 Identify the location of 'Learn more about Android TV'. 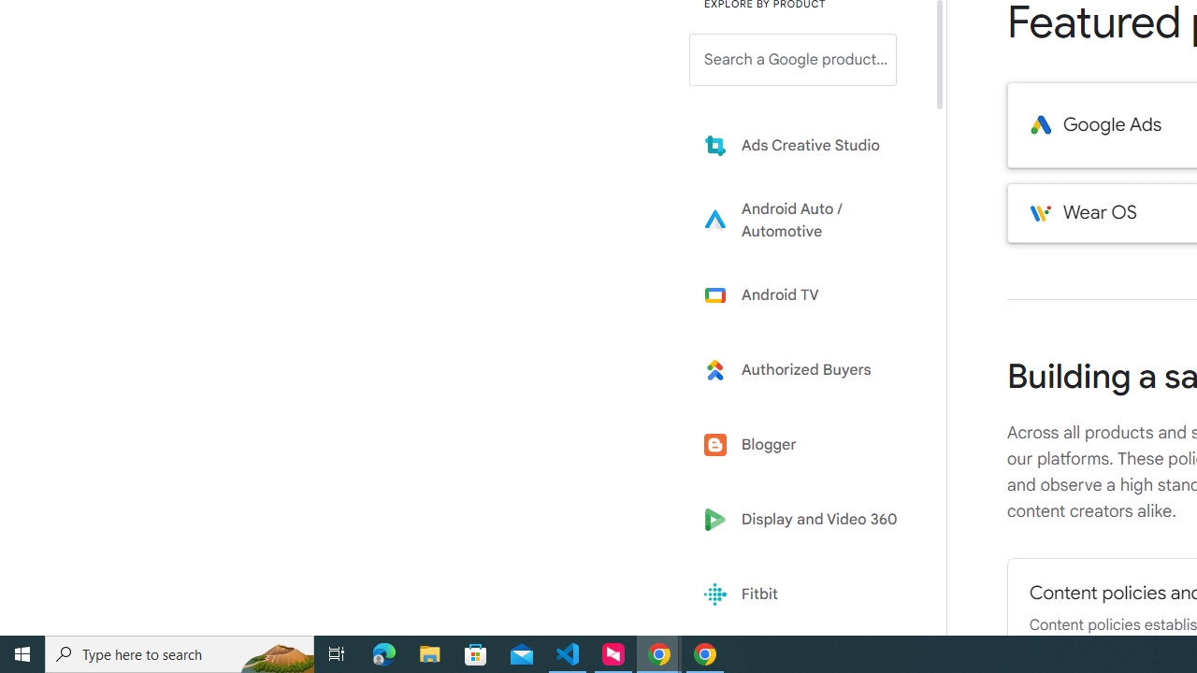
(806, 294).